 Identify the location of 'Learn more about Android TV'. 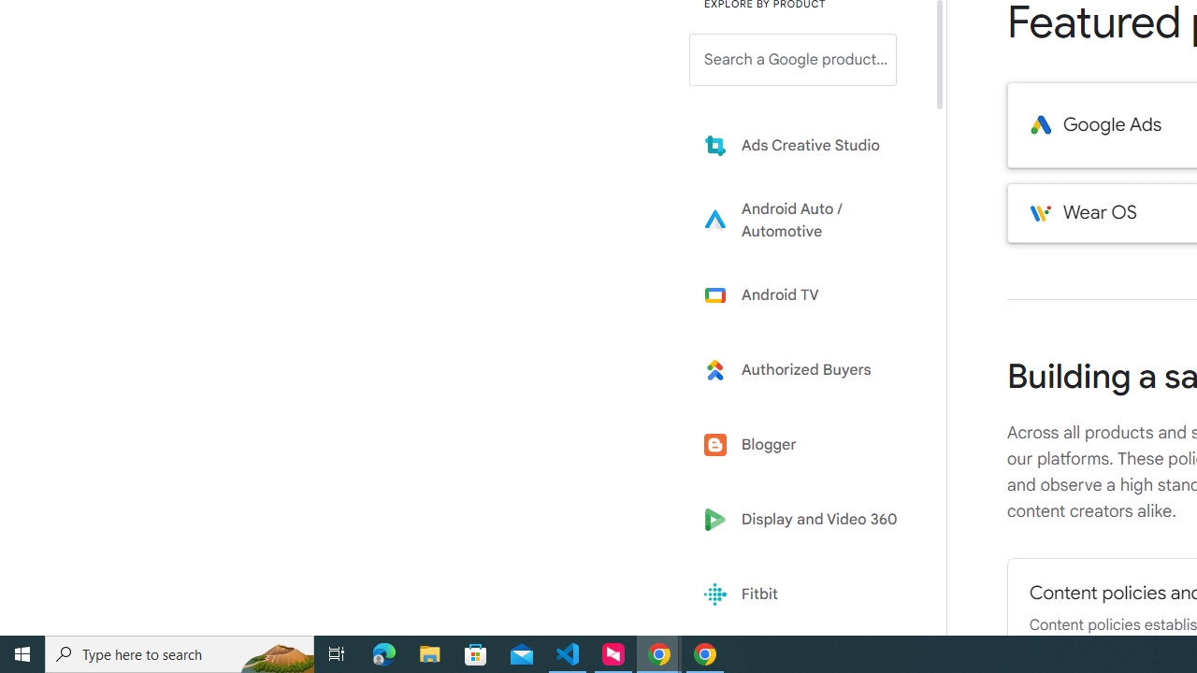
(806, 294).